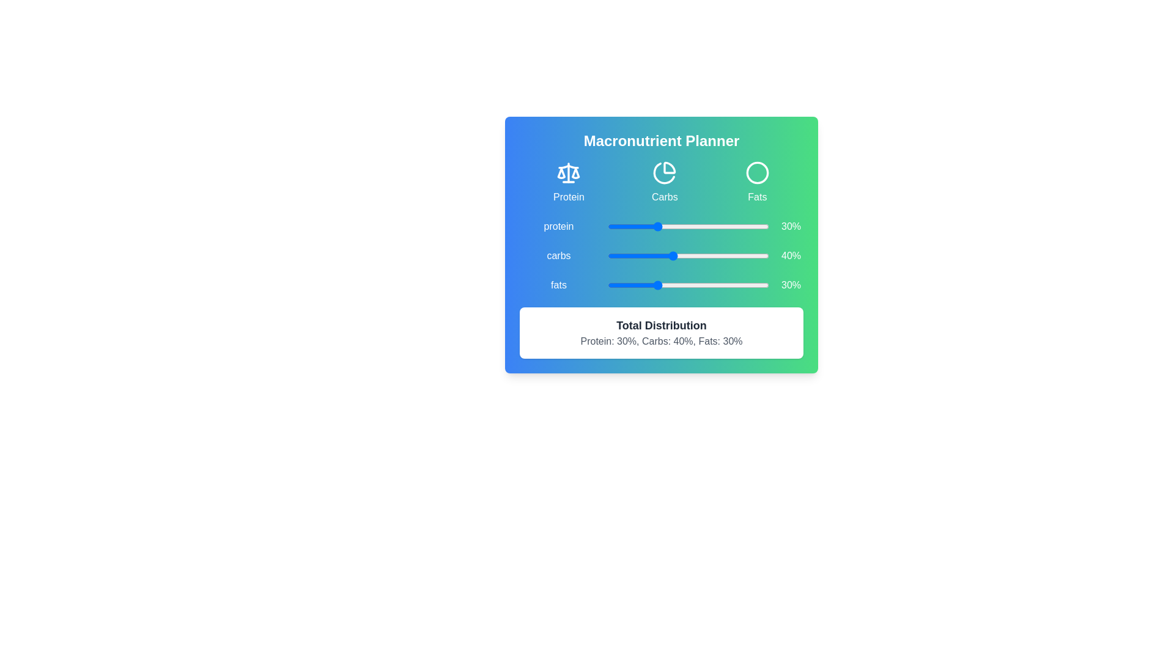  Describe the element at coordinates (700, 226) in the screenshot. I see `the protein percentage` at that location.